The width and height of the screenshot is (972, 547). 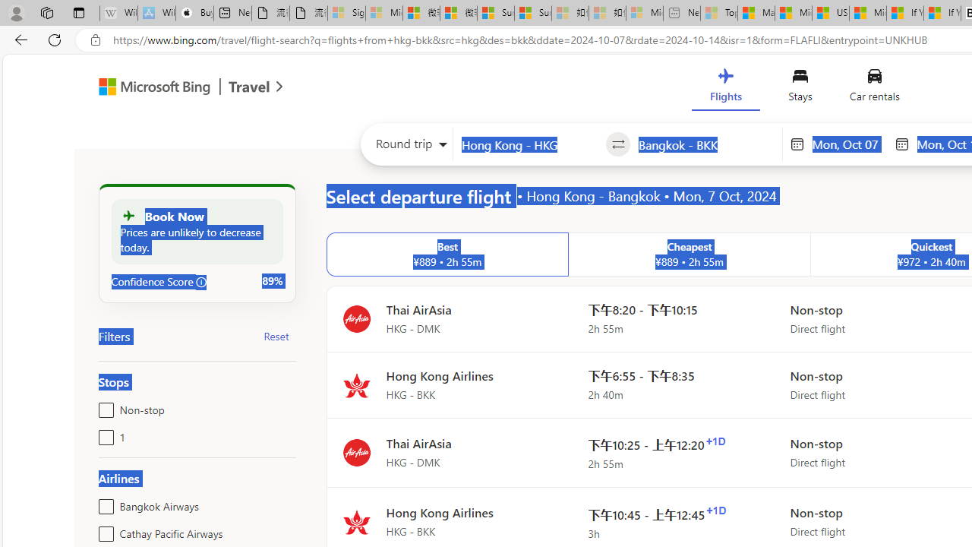 What do you see at coordinates (618, 144) in the screenshot?
I see `'Swap source and destination'` at bounding box center [618, 144].